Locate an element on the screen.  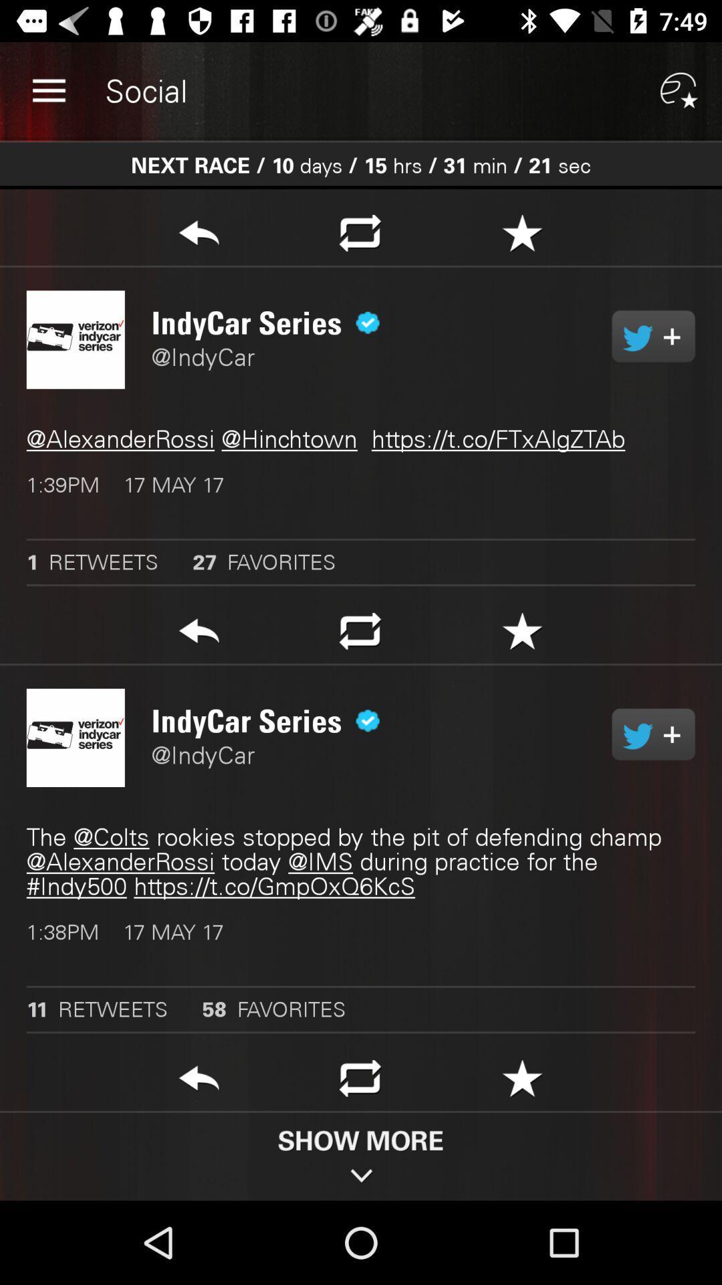
it is a special symbol is located at coordinates (521, 237).